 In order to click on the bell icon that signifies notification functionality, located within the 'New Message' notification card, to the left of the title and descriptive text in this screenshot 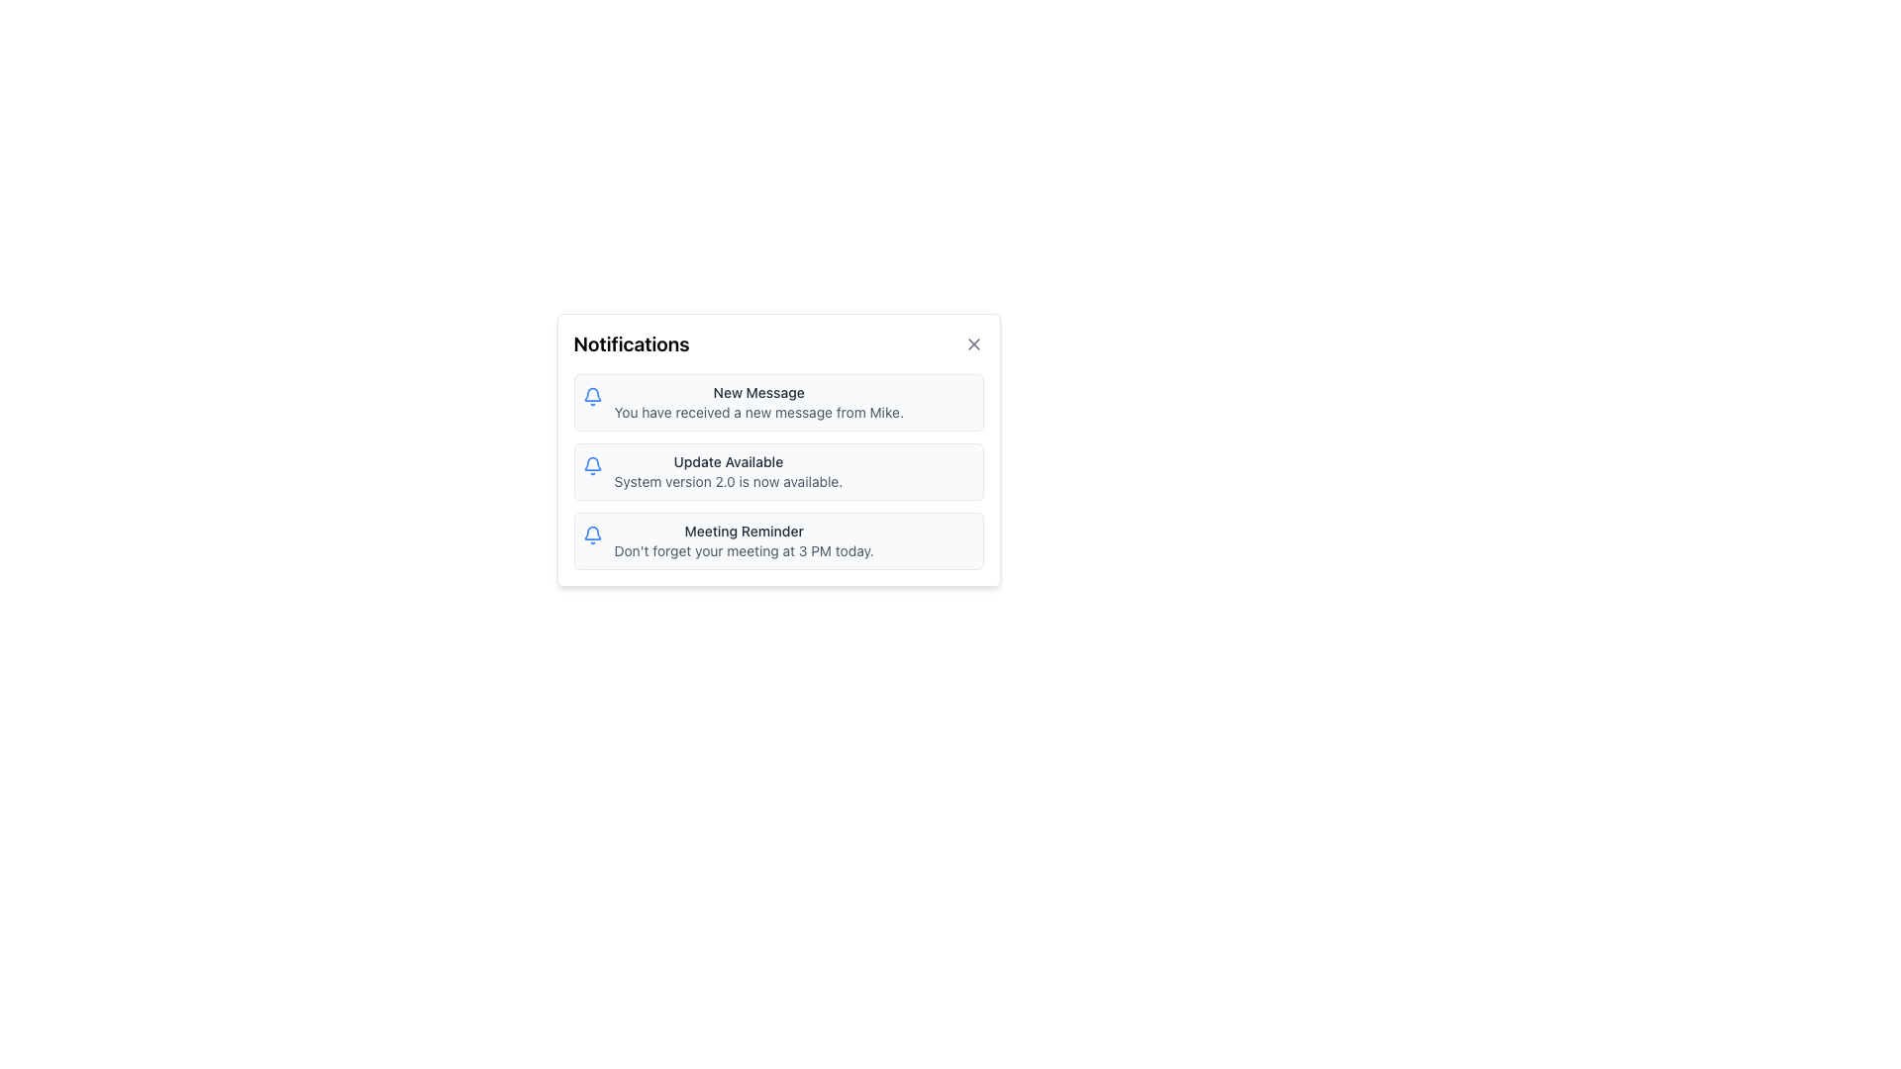, I will do `click(591, 397)`.